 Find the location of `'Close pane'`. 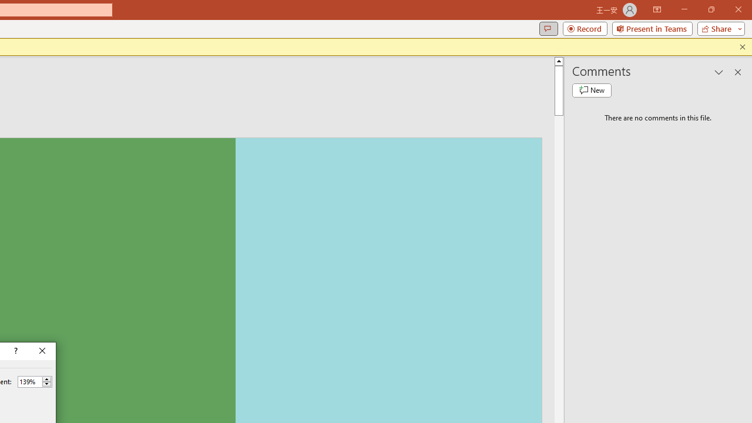

'Close pane' is located at coordinates (737, 72).